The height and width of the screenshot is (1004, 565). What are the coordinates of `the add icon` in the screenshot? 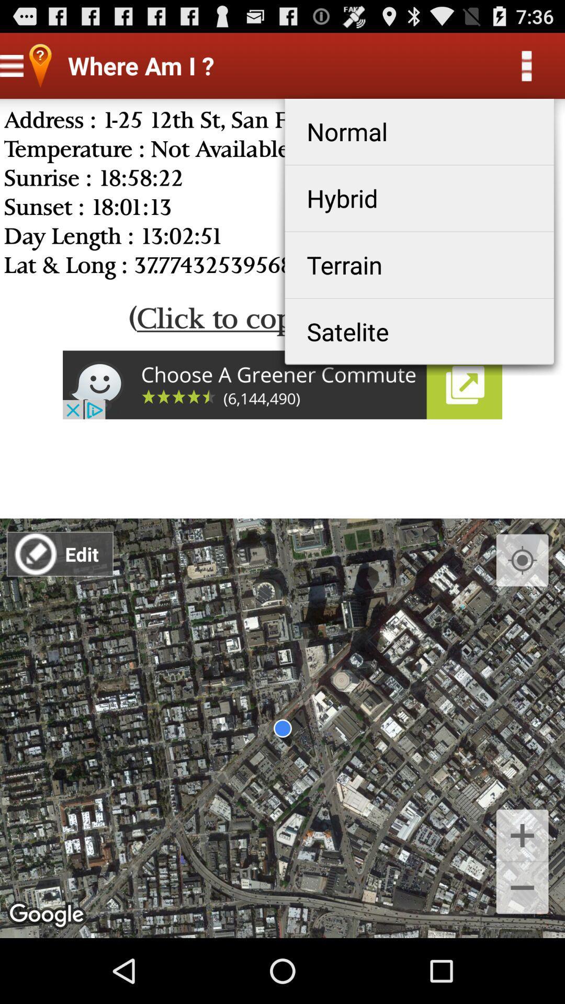 It's located at (522, 893).